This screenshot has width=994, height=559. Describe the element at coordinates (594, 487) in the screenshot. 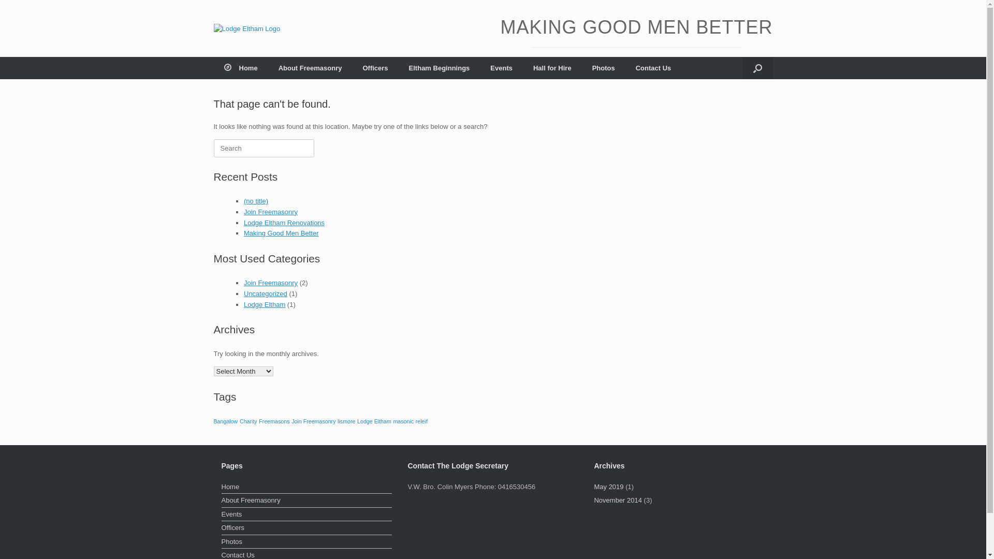

I see `'May 2019'` at that location.